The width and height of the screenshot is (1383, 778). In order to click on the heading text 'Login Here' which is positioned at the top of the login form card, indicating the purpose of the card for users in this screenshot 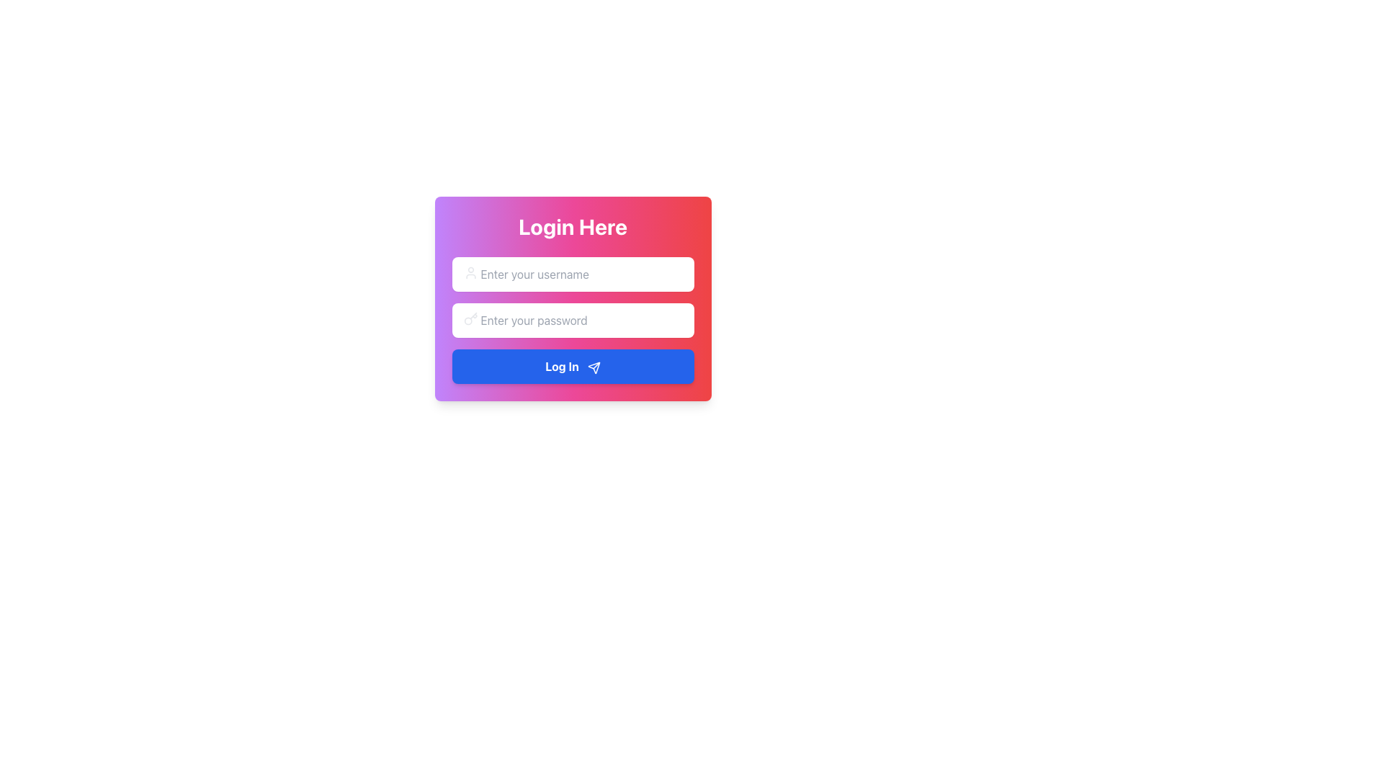, I will do `click(572, 227)`.